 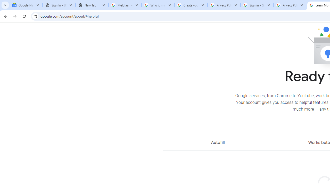 I want to click on 'Who is my administrator? - Google Account Help', so click(x=158, y=5).